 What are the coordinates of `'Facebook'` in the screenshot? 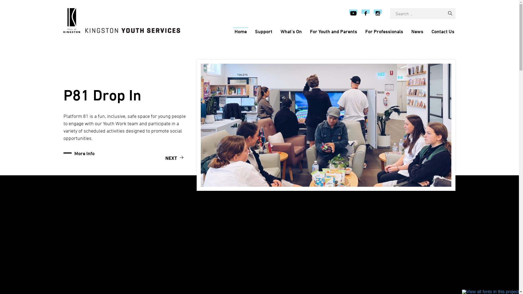 It's located at (366, 13).